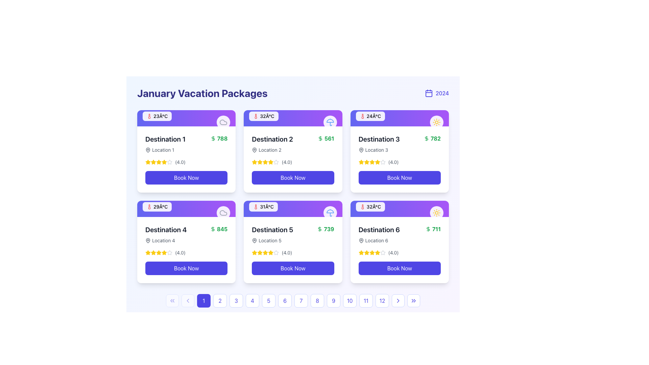 The width and height of the screenshot is (649, 365). Describe the element at coordinates (334, 300) in the screenshot. I see `the button displaying the number '9' with a white background and indigo border` at that location.